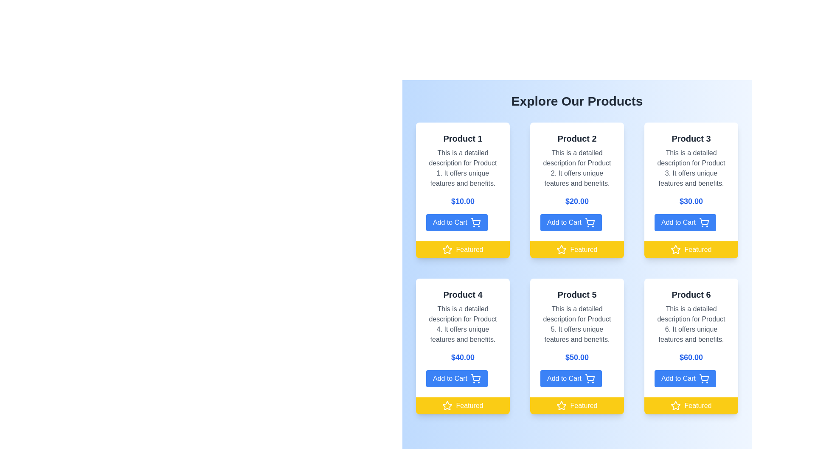 The height and width of the screenshot is (458, 815). Describe the element at coordinates (462, 168) in the screenshot. I see `the text content element that describes 'This is a detailed description for Product 1.' located within the product card` at that location.